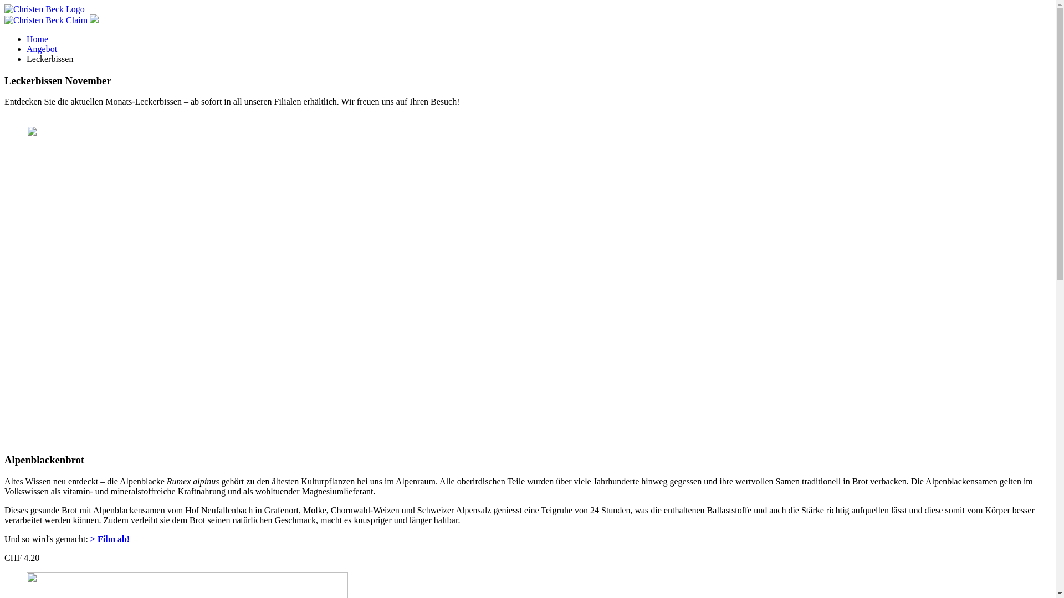 The width and height of the screenshot is (1064, 598). What do you see at coordinates (110, 538) in the screenshot?
I see `'> Film ab!'` at bounding box center [110, 538].